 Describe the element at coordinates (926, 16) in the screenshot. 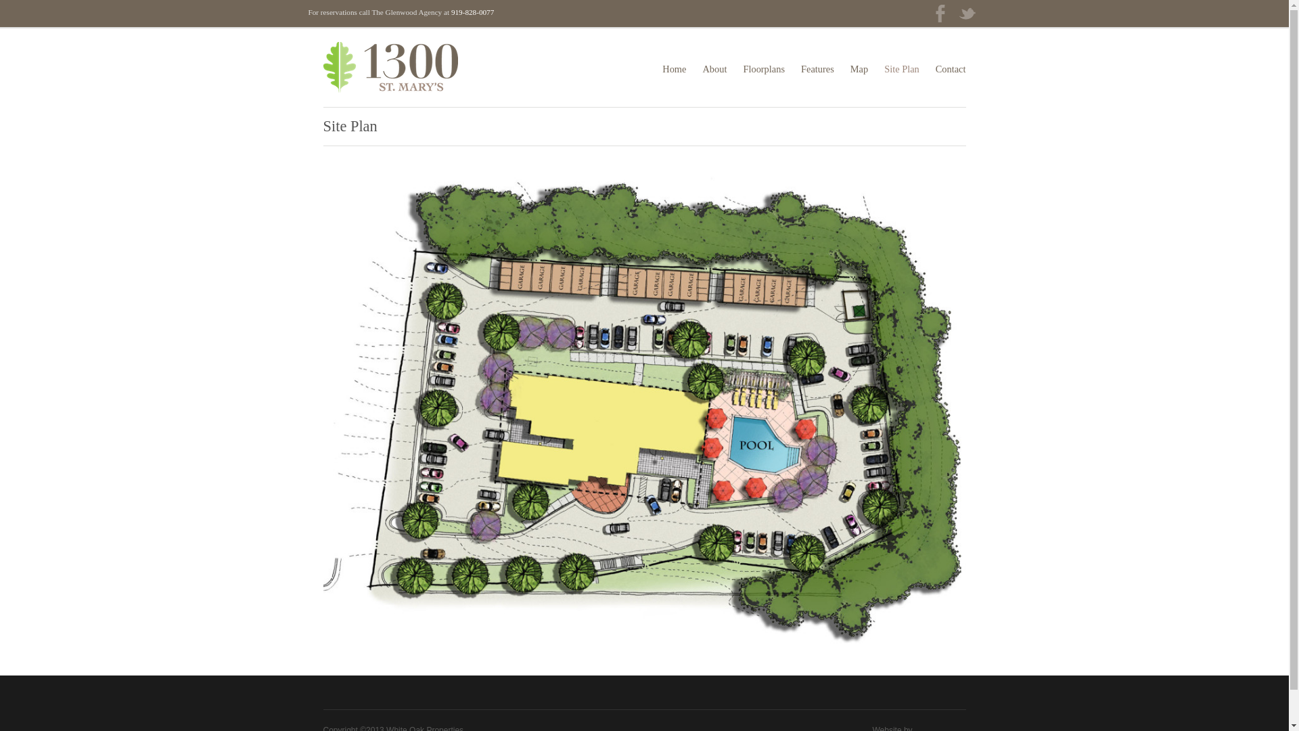

I see `'Facebook'` at that location.